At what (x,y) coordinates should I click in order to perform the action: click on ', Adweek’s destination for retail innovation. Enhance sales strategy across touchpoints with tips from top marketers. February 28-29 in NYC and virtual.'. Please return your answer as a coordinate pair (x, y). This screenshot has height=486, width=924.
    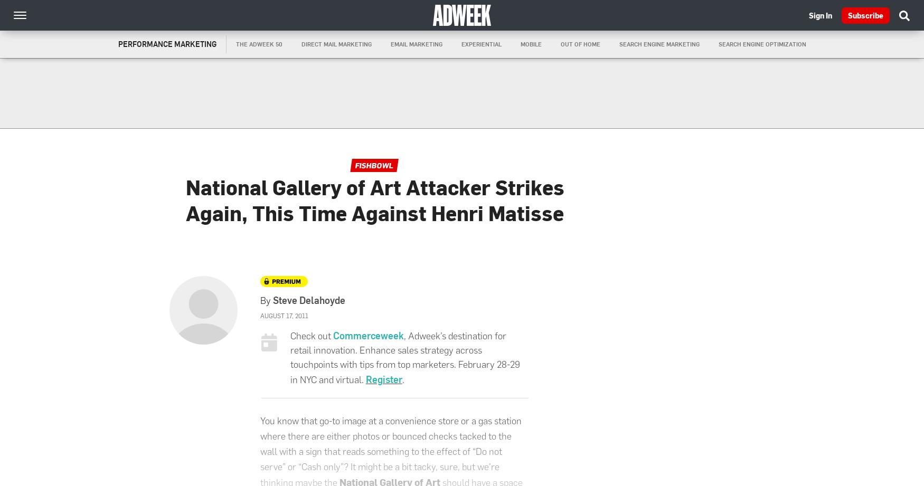
    Looking at the image, I should click on (289, 358).